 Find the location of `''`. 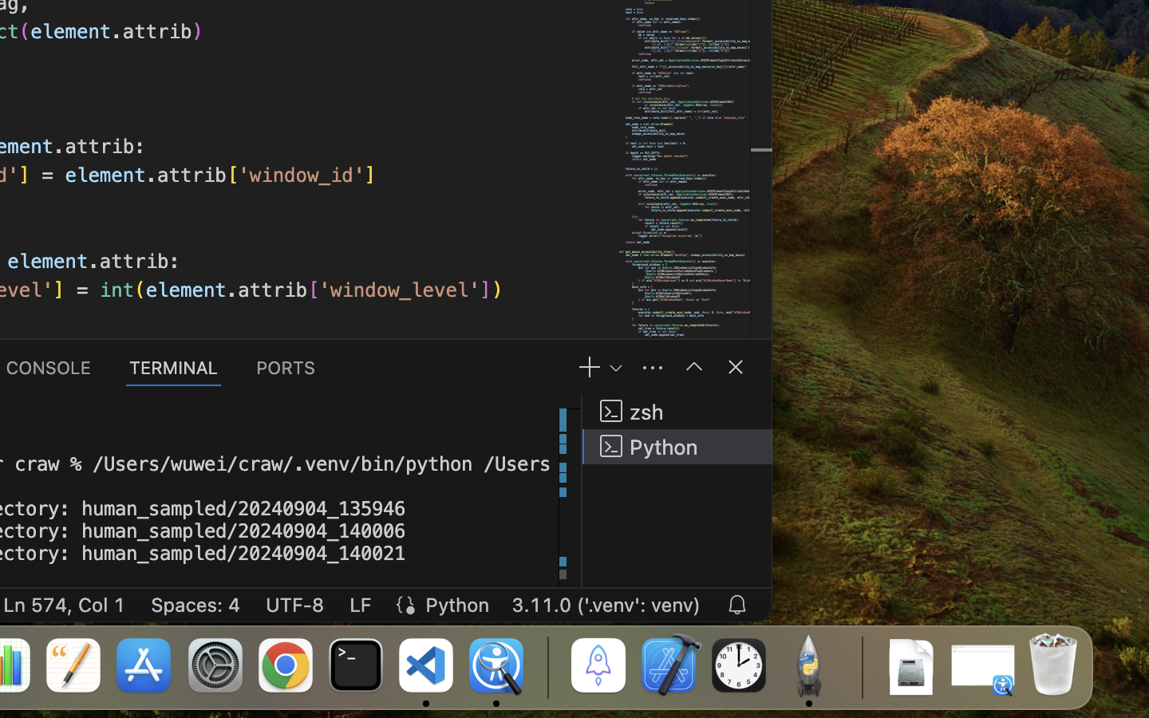

'' is located at coordinates (693, 365).